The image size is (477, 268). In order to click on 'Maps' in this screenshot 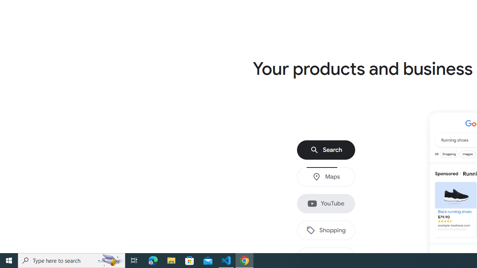, I will do `click(326, 177)`.